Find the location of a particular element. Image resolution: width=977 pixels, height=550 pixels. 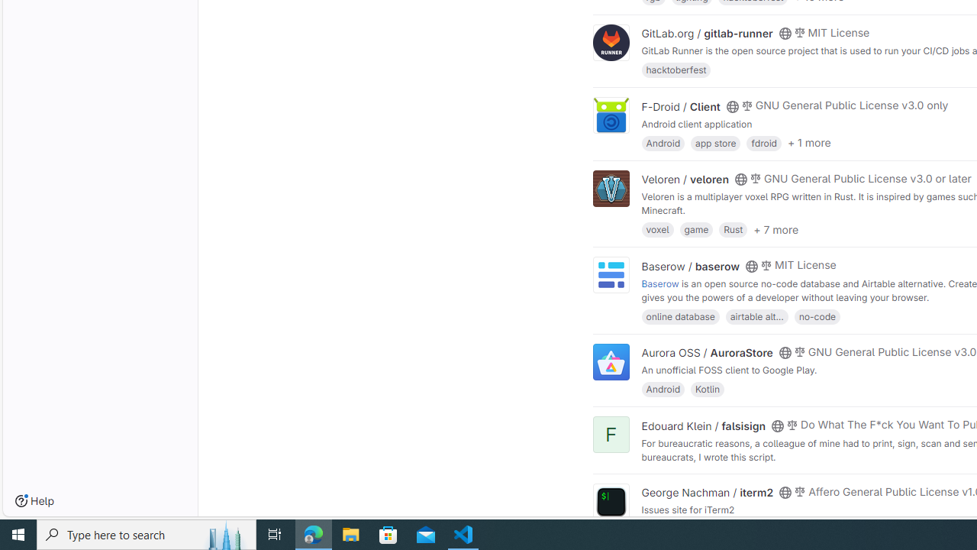

'Baserow / baserow' is located at coordinates (689, 265).